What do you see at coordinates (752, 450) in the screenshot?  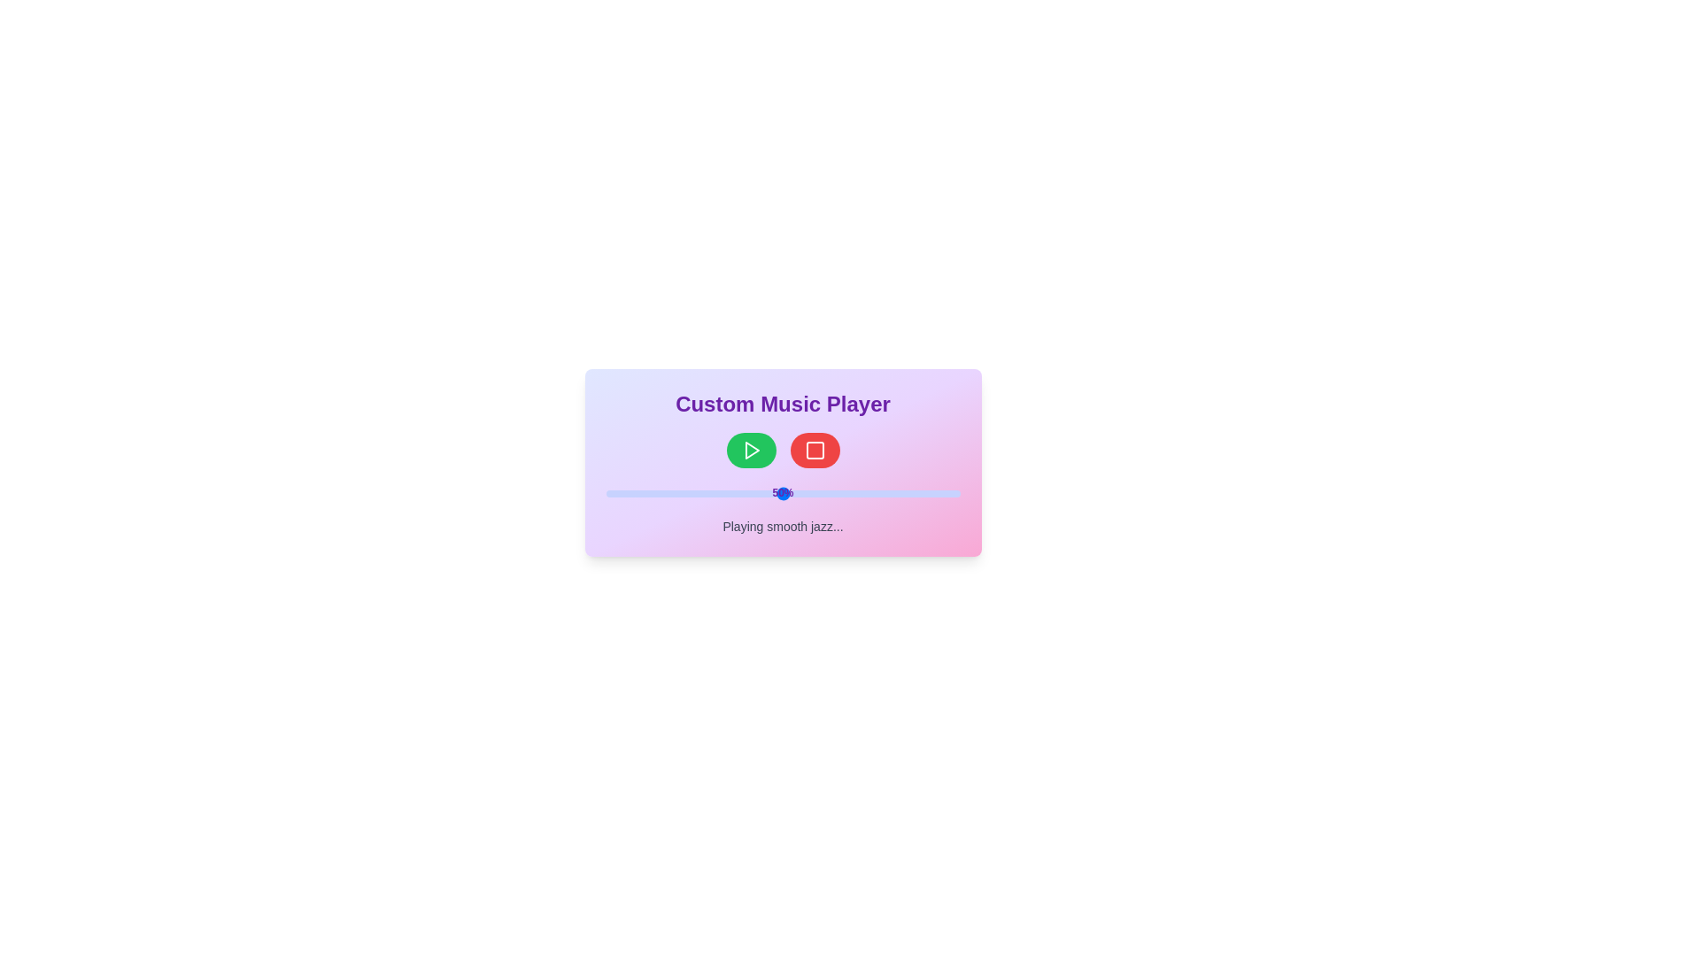 I see `the triangular play icon within the green circular button located in the Custom Music Player controls` at bounding box center [752, 450].